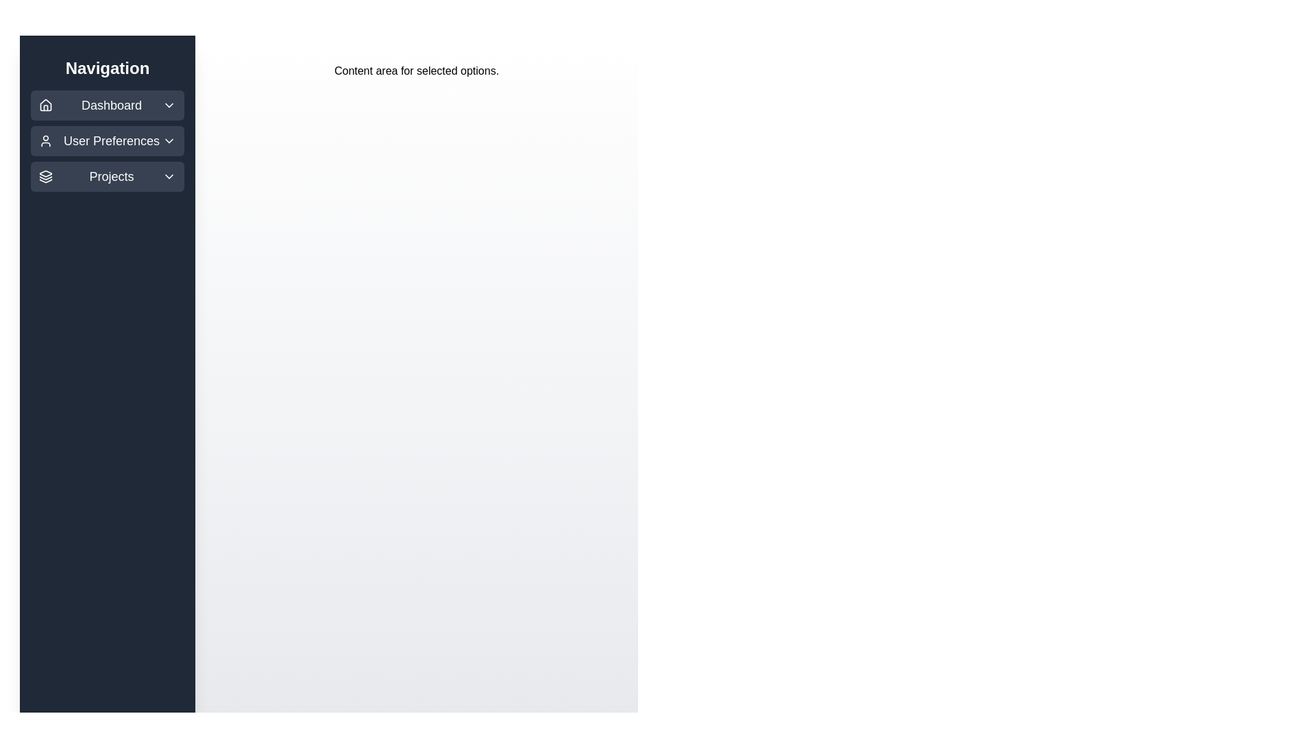 Image resolution: width=1316 pixels, height=740 pixels. Describe the element at coordinates (112, 105) in the screenshot. I see `text content of the Dashboard label in the vertical navigation menu, which is positioned to the right of the home-shaped icon` at that location.